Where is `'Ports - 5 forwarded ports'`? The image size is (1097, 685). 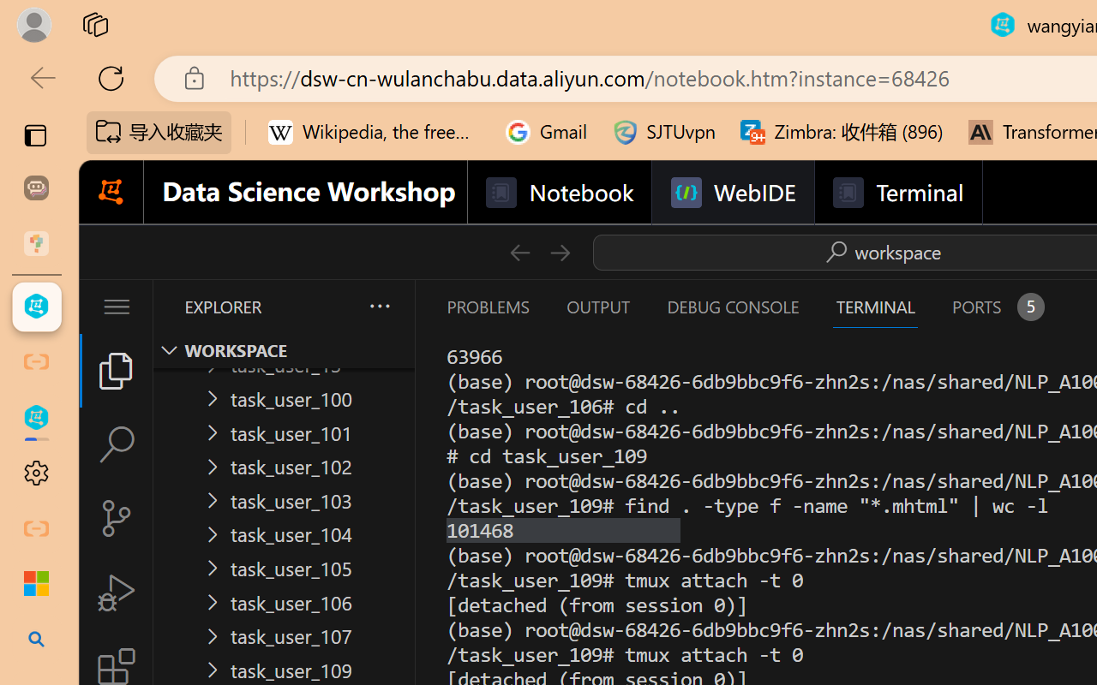 'Ports - 5 forwarded ports' is located at coordinates (996, 307).